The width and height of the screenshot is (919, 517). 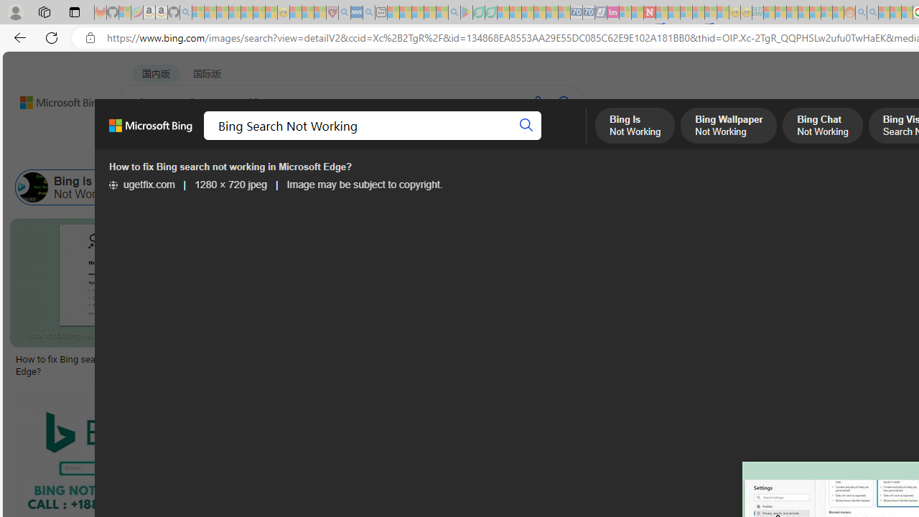 What do you see at coordinates (612, 12) in the screenshot?
I see `'Jobs - lastminute.com Investor Portal - Sleeping'` at bounding box center [612, 12].